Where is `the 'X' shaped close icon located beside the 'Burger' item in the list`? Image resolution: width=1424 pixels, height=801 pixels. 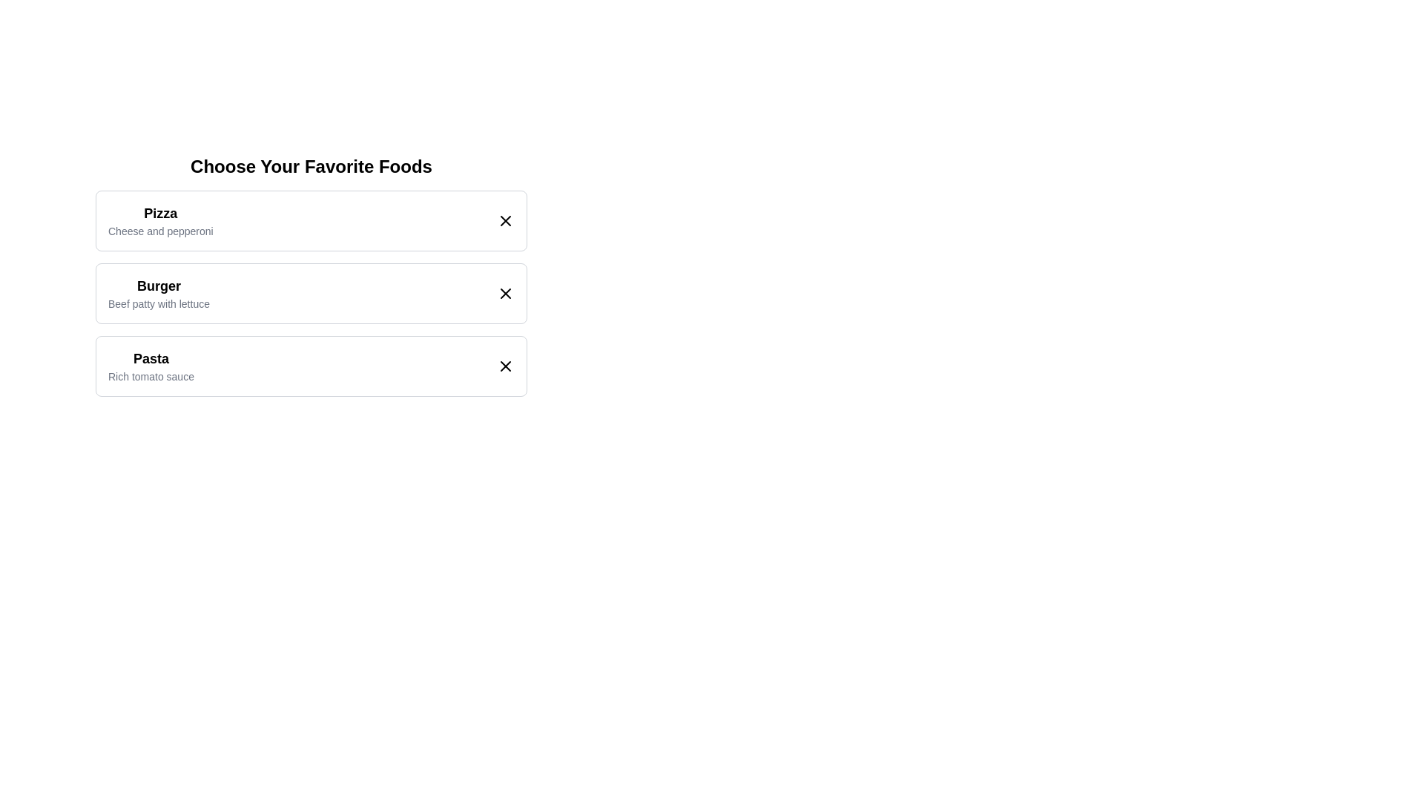
the 'X' shaped close icon located beside the 'Burger' item in the list is located at coordinates (505, 294).